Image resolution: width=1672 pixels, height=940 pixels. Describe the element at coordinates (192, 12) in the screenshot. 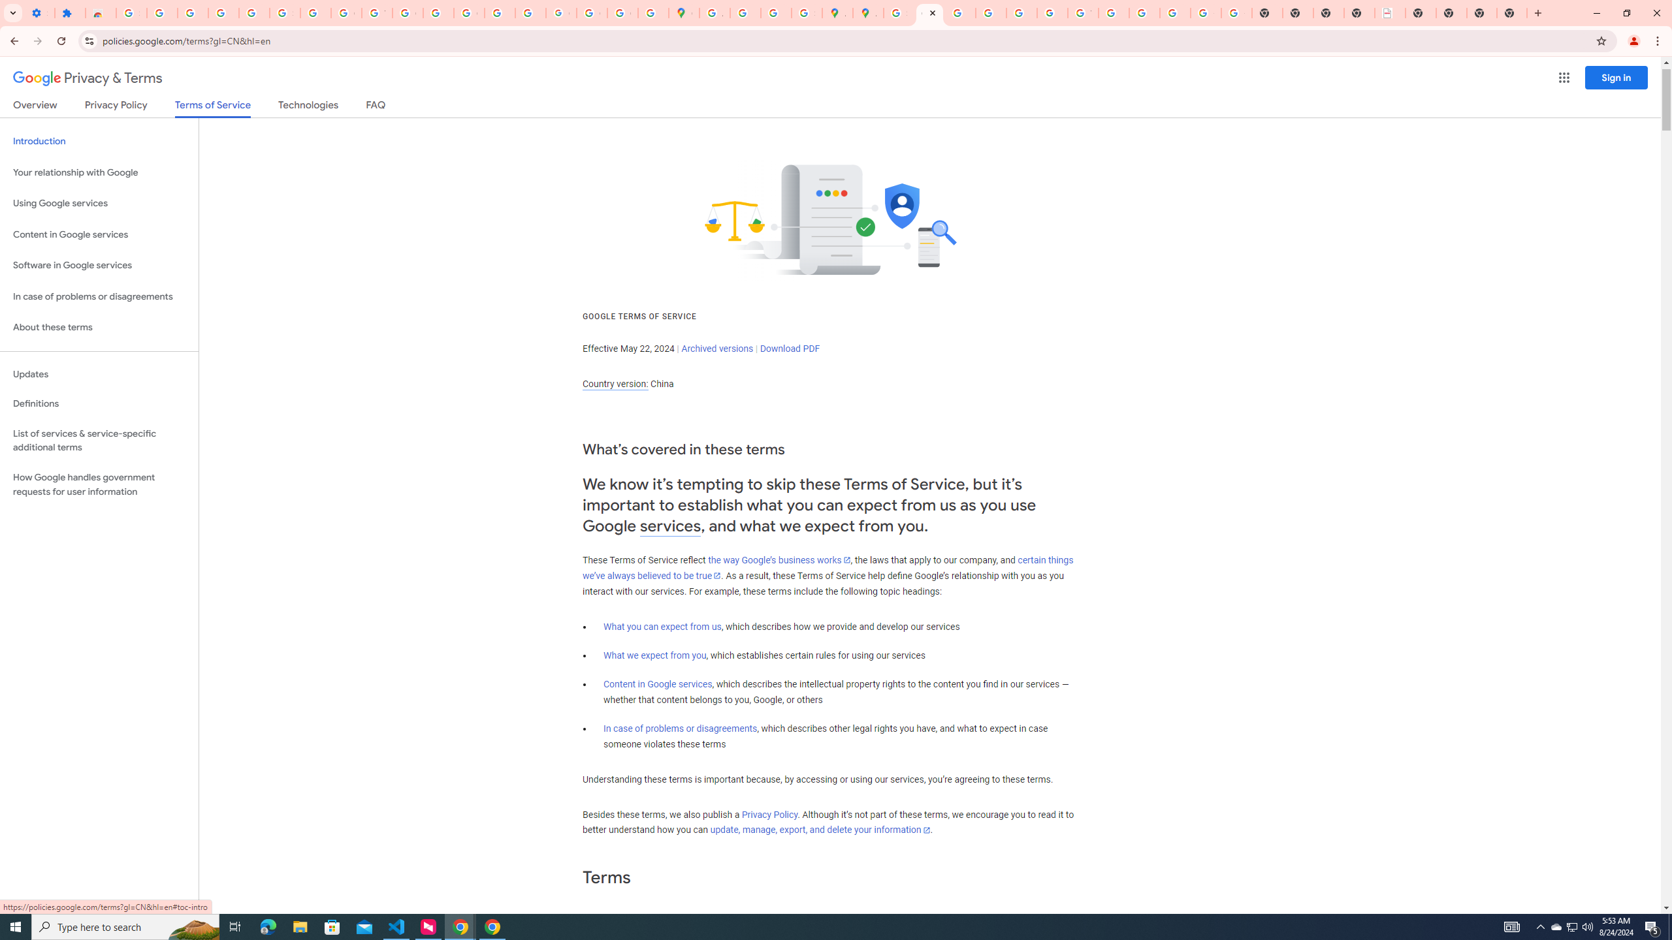

I see `'Delete photos & videos - Computer - Google Photos Help'` at that location.